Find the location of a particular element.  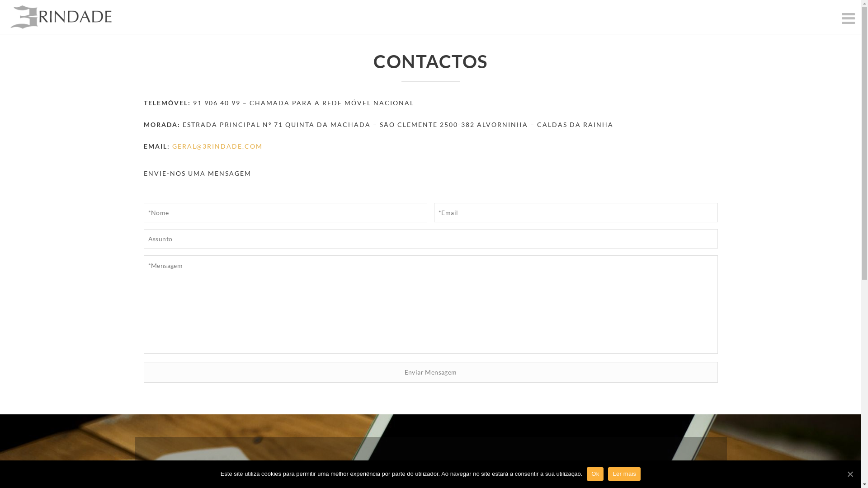

'Ler mais' is located at coordinates (624, 474).